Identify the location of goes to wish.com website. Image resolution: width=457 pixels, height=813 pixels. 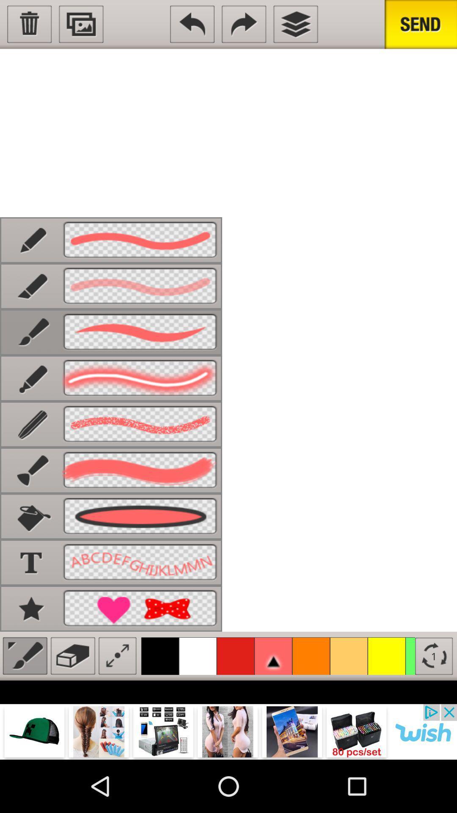
(228, 731).